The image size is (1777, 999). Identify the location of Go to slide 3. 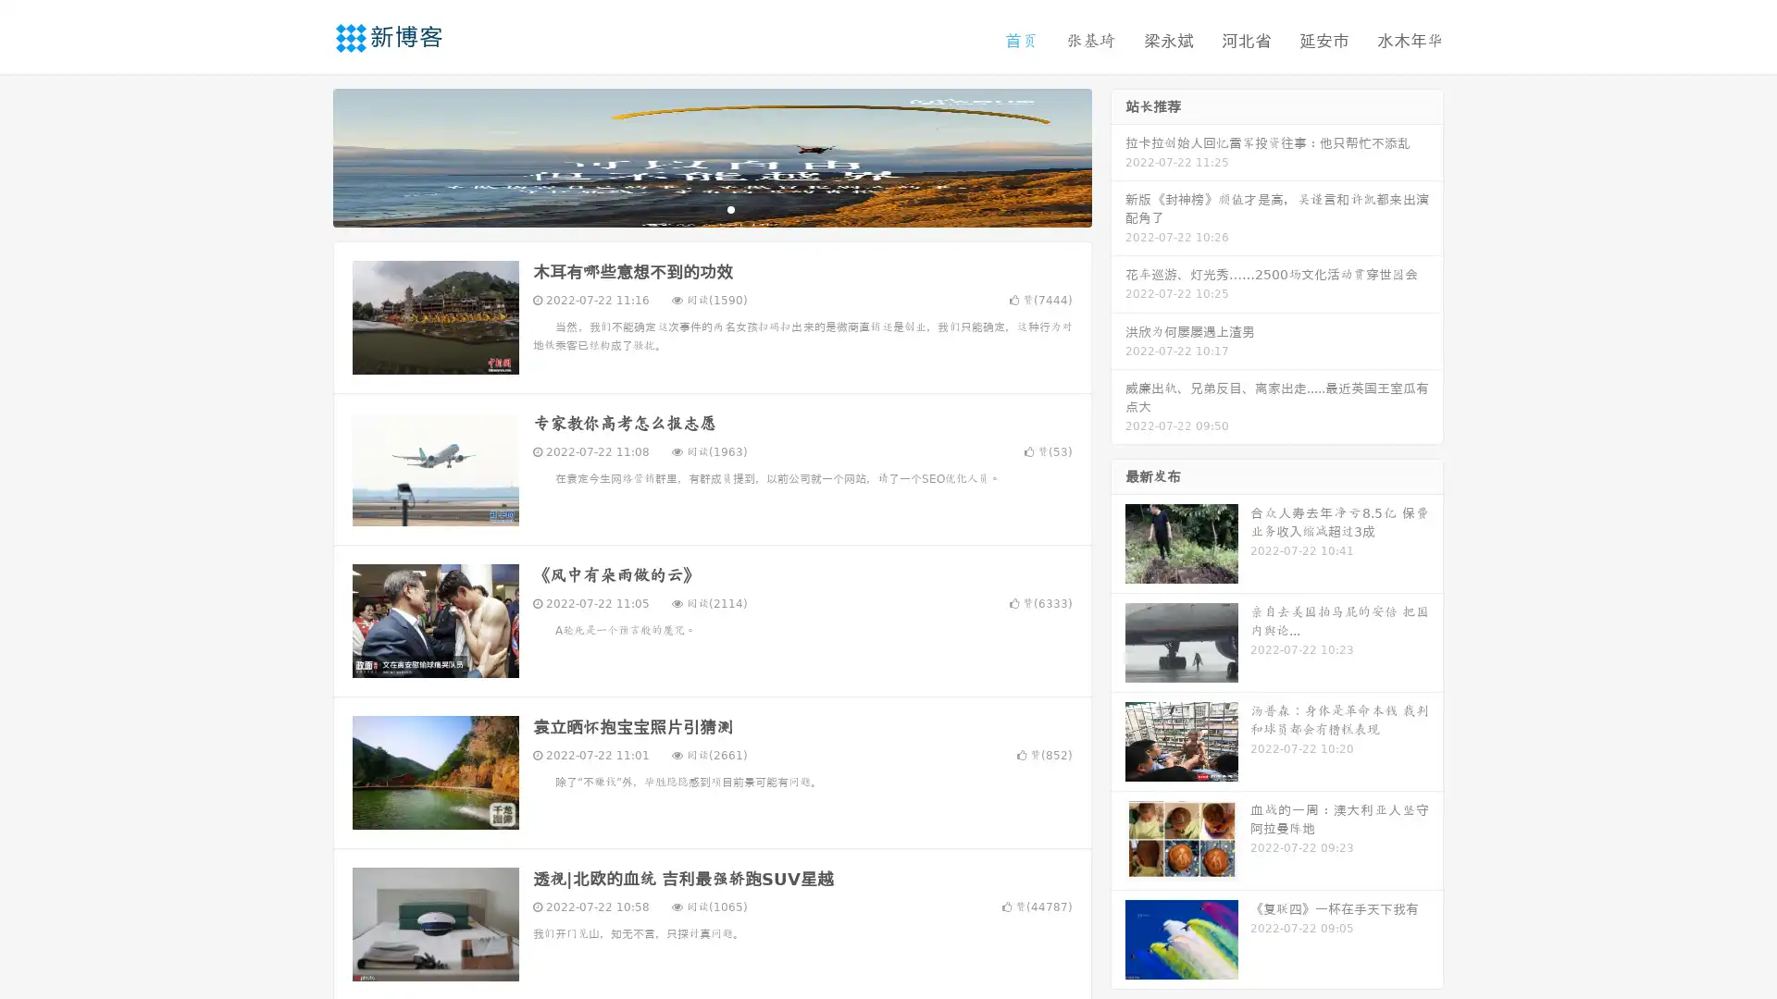
(730, 208).